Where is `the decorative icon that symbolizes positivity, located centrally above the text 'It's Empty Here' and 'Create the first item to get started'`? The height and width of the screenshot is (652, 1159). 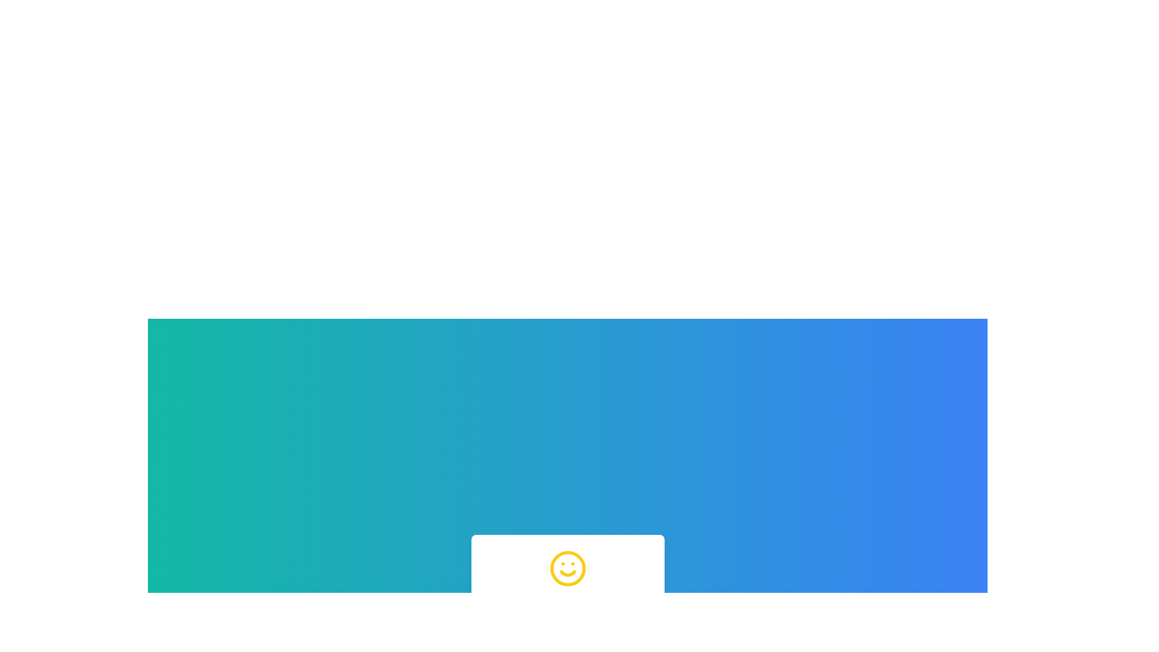 the decorative icon that symbolizes positivity, located centrally above the text 'It's Empty Here' and 'Create the first item to get started' is located at coordinates (567, 568).